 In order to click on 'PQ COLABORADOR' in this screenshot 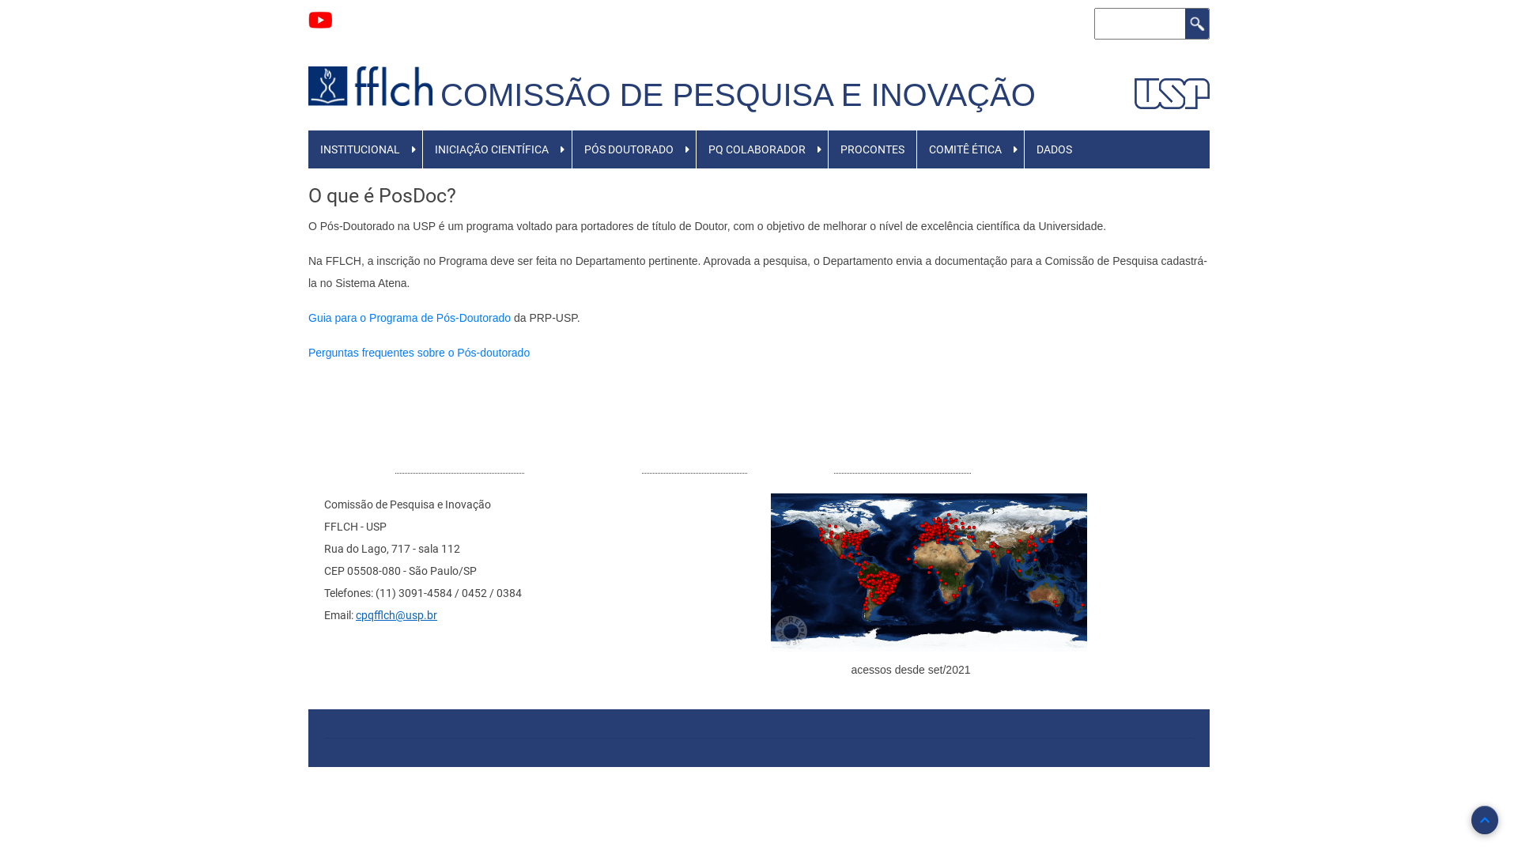, I will do `click(756, 149)`.